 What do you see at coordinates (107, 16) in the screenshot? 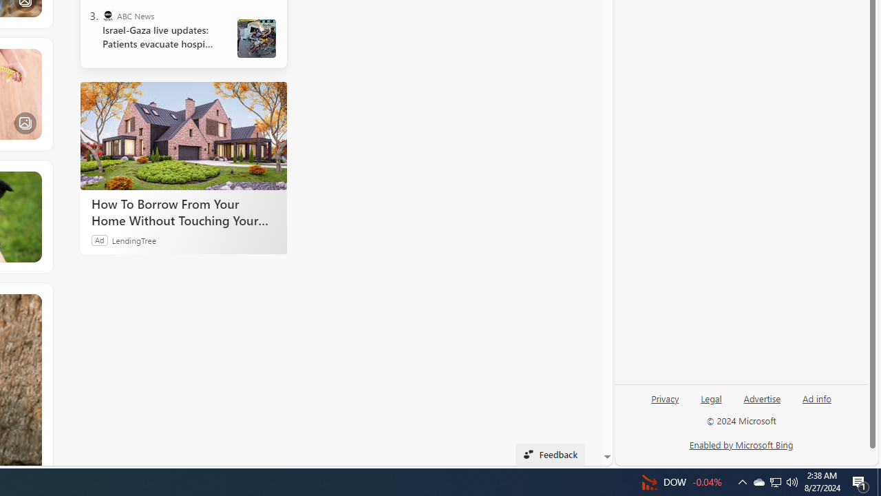
I see `'ABC News'` at bounding box center [107, 16].